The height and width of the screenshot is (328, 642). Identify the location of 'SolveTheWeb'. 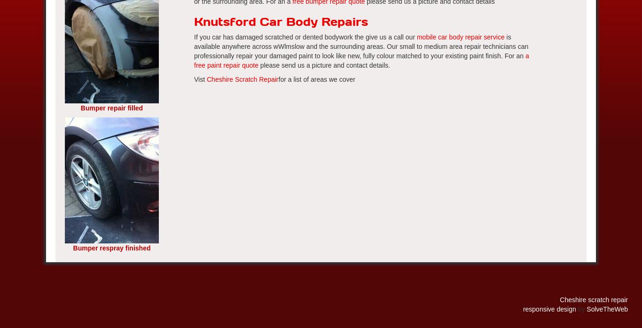
(606, 309).